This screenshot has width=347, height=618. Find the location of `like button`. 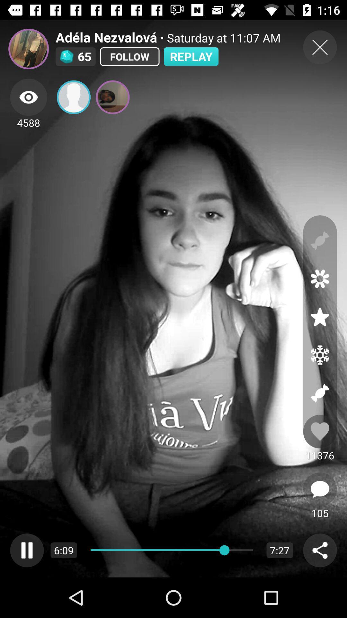

like button is located at coordinates (320, 431).